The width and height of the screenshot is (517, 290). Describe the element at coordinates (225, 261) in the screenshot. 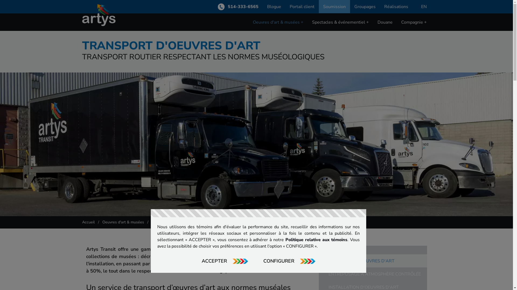

I see `'ACCEPTER'` at that location.